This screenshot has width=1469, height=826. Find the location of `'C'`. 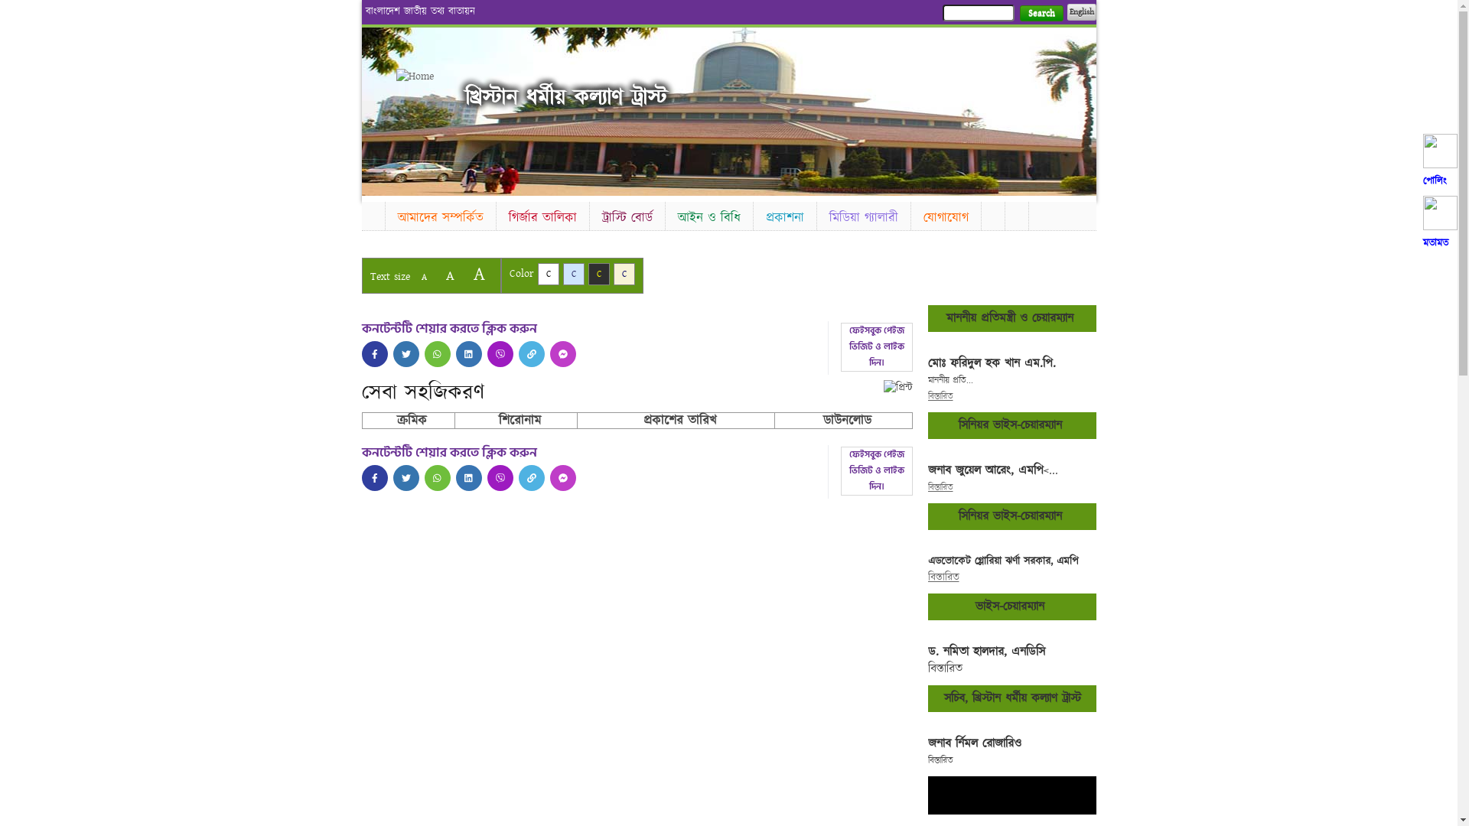

'C' is located at coordinates (624, 273).